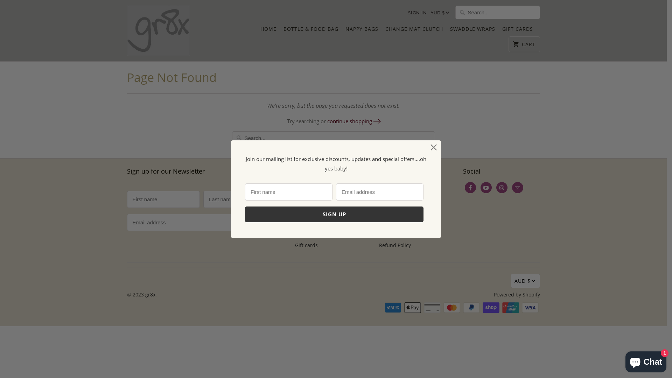 The image size is (672, 378). I want to click on 'GIFT CARDS', so click(502, 30).